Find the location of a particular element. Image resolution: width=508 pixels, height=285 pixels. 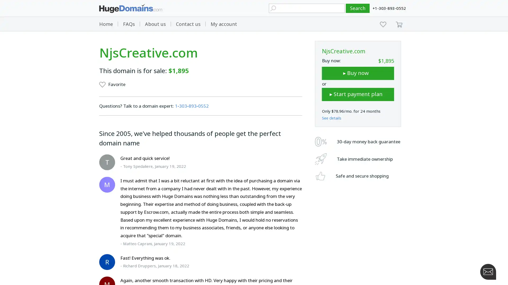

Search is located at coordinates (358, 8).